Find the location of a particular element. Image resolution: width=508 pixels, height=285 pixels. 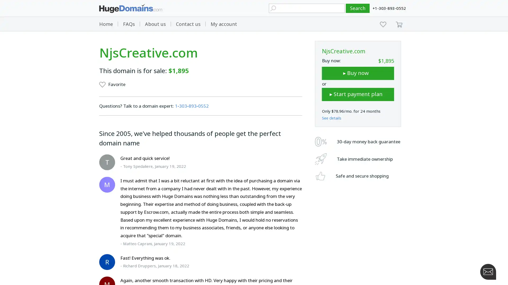

Search is located at coordinates (358, 8).